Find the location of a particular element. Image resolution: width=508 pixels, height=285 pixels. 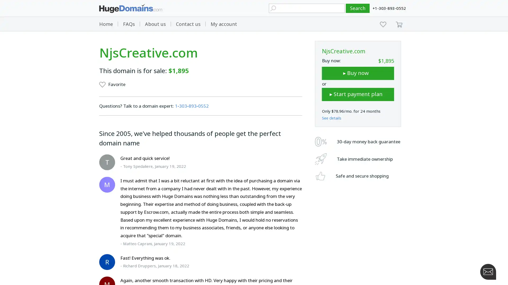

Search is located at coordinates (358, 8).